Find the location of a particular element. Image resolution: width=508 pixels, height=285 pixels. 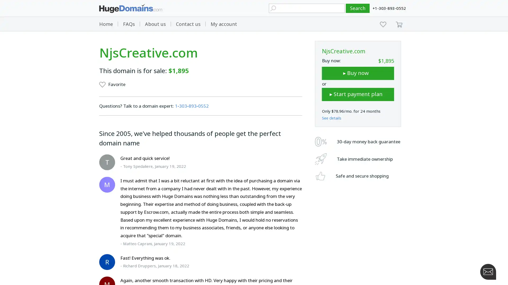

Search is located at coordinates (358, 8).